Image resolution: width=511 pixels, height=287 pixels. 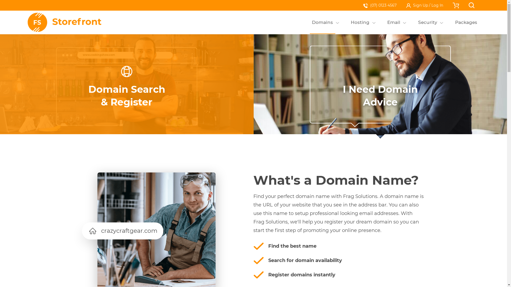 What do you see at coordinates (360, 22) in the screenshot?
I see `'Hosting'` at bounding box center [360, 22].